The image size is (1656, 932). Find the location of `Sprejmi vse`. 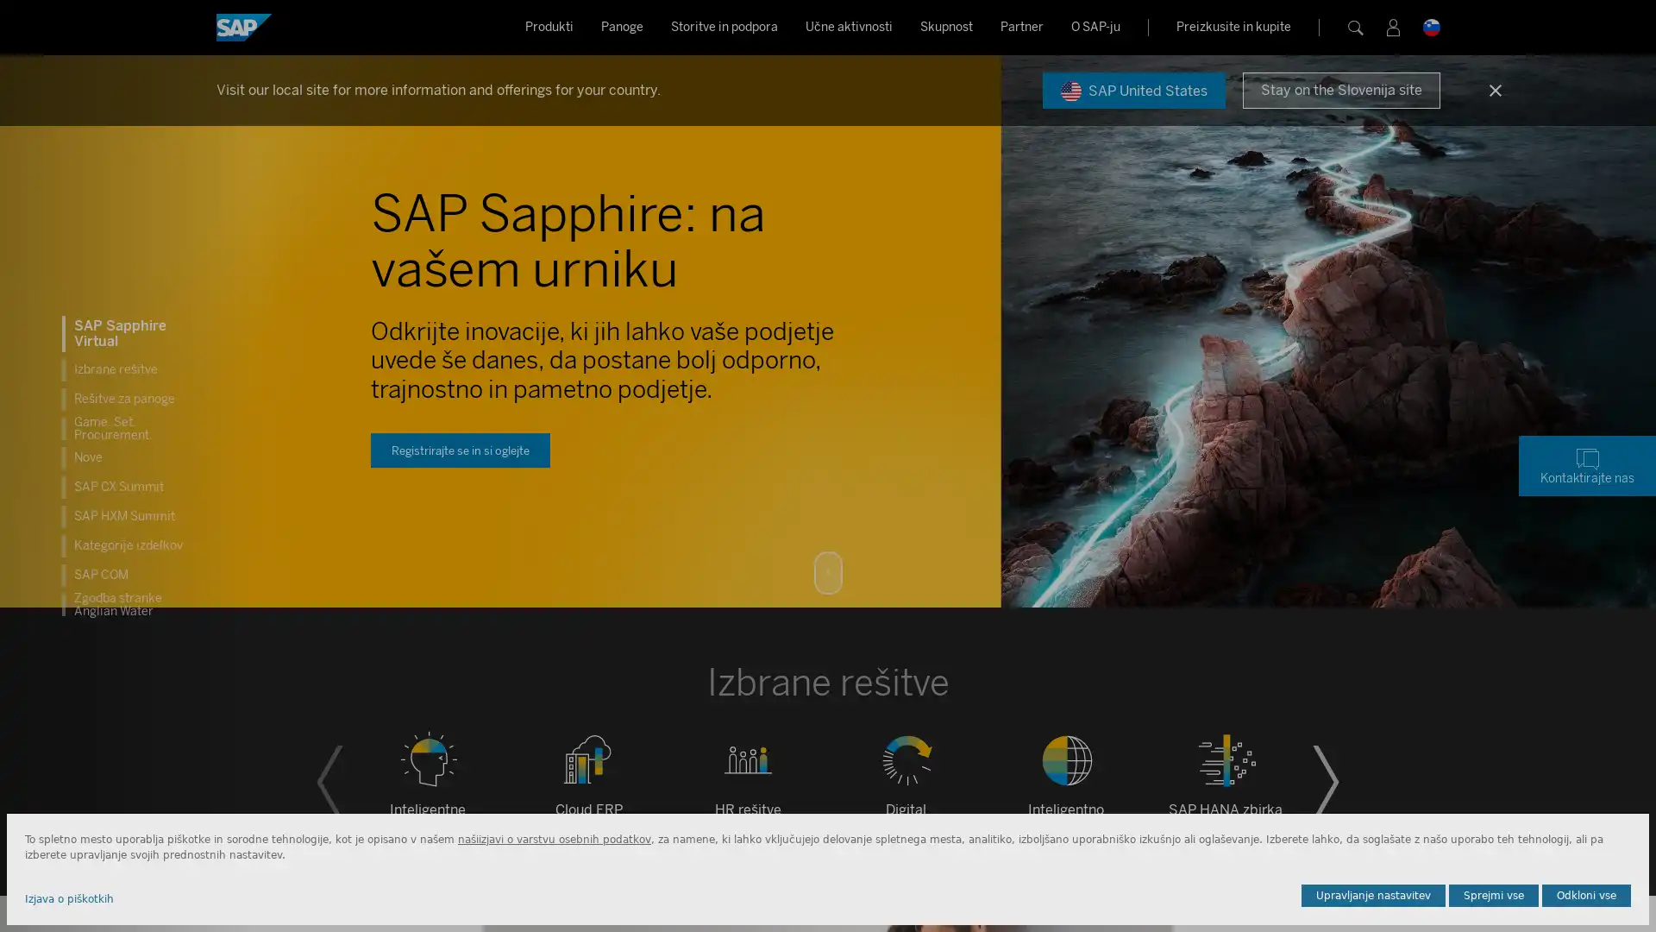

Sprejmi vse is located at coordinates (1493, 894).